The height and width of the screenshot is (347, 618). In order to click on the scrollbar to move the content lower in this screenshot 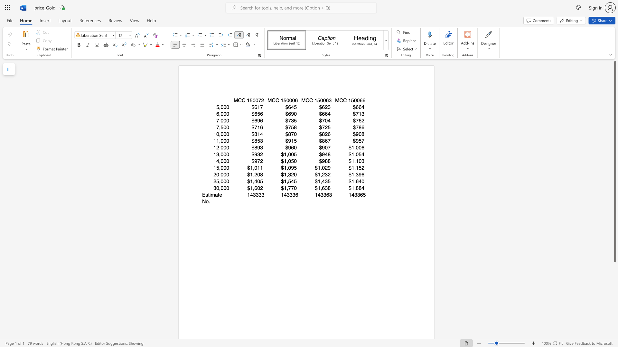, I will do `click(614, 282)`.